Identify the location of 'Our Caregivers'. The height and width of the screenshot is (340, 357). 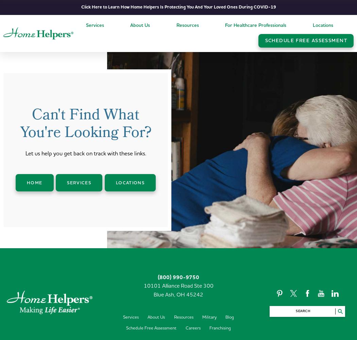
(147, 48).